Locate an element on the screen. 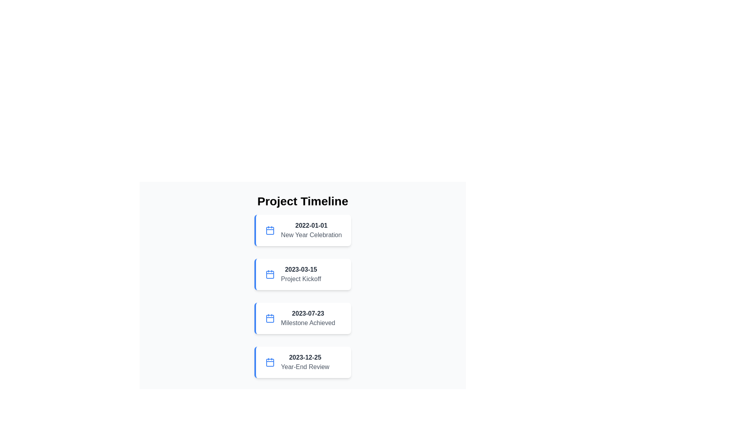 Image resolution: width=755 pixels, height=424 pixels. the blue calendar icon of the list item labeled 'Year-End Review' with the date '2023-12-25', which is located at the bottom of the vertically stacked list is located at coordinates (303, 362).